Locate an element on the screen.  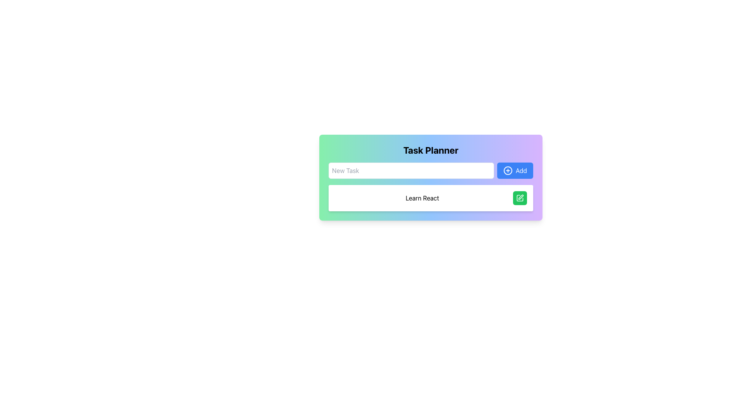
the 'Learn React' text label, which is displayed in bold on a white background and is positioned to the left of a green button is located at coordinates (422, 198).